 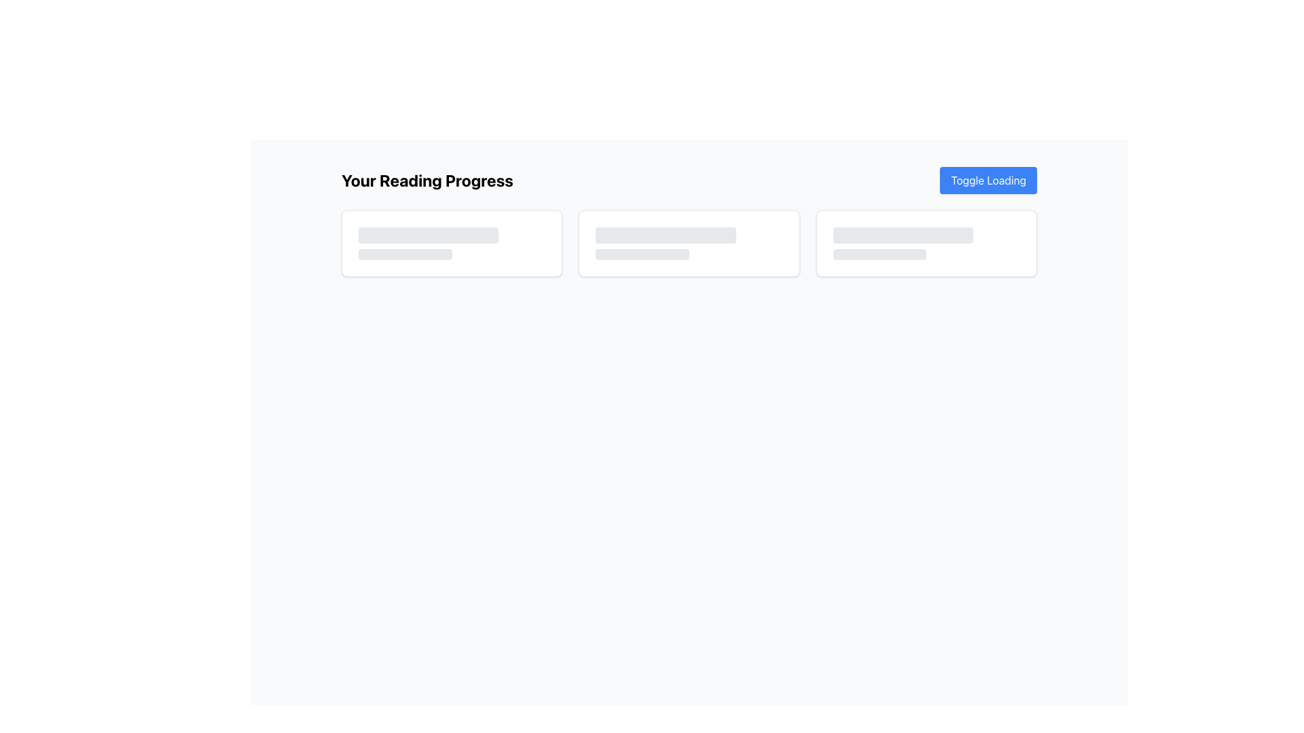 What do you see at coordinates (666, 235) in the screenshot?
I see `the loading skeleton placeholder element, which is a horizontally elongated rectangular box with rounded corners, positioned above a shorter gray box within the 'Your Reading Progress' section` at bounding box center [666, 235].